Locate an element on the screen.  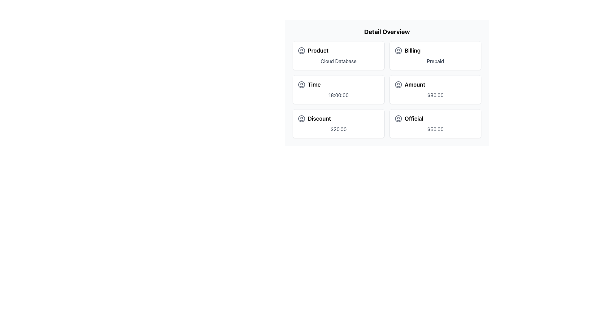
the user-related icon representing 'Discount' located at the top left corner of the corresponding card is located at coordinates (301, 119).